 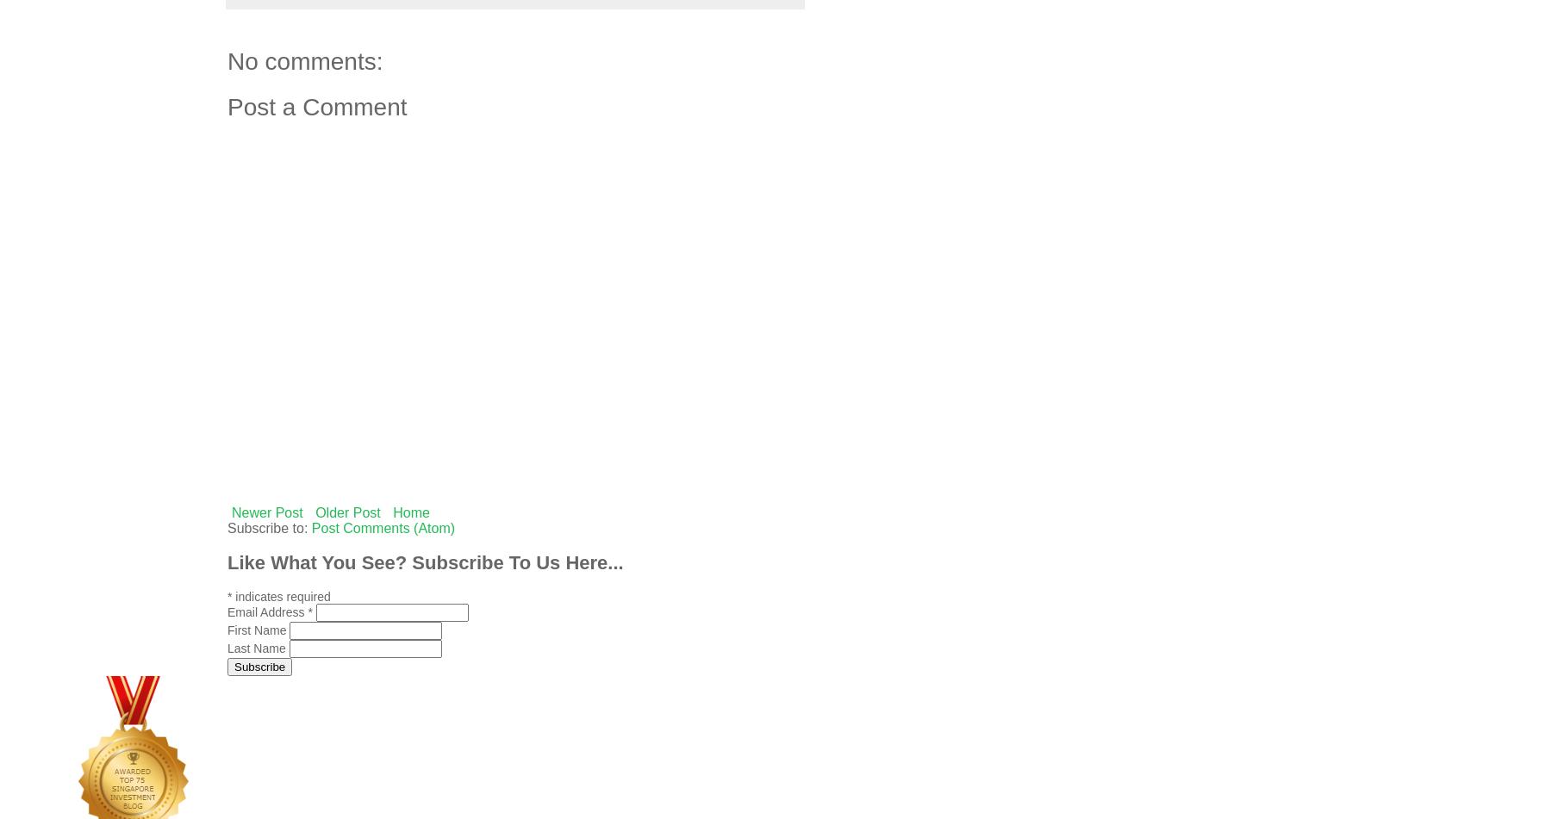 What do you see at coordinates (257, 648) in the screenshot?
I see `'Last Name'` at bounding box center [257, 648].